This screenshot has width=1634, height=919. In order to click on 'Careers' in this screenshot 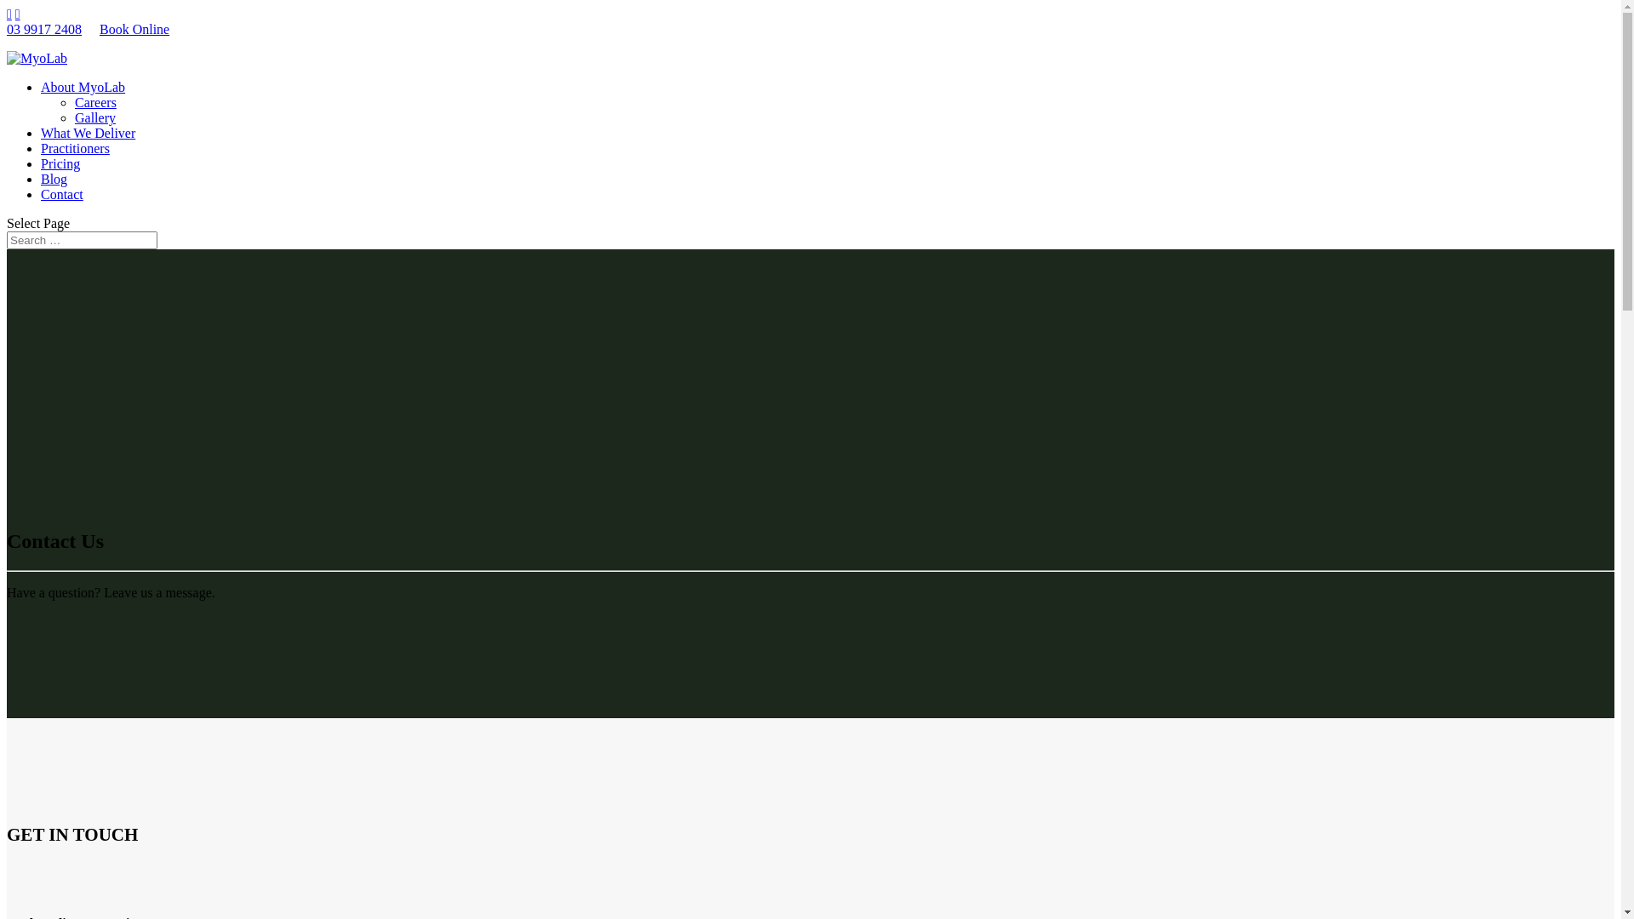, I will do `click(94, 102)`.